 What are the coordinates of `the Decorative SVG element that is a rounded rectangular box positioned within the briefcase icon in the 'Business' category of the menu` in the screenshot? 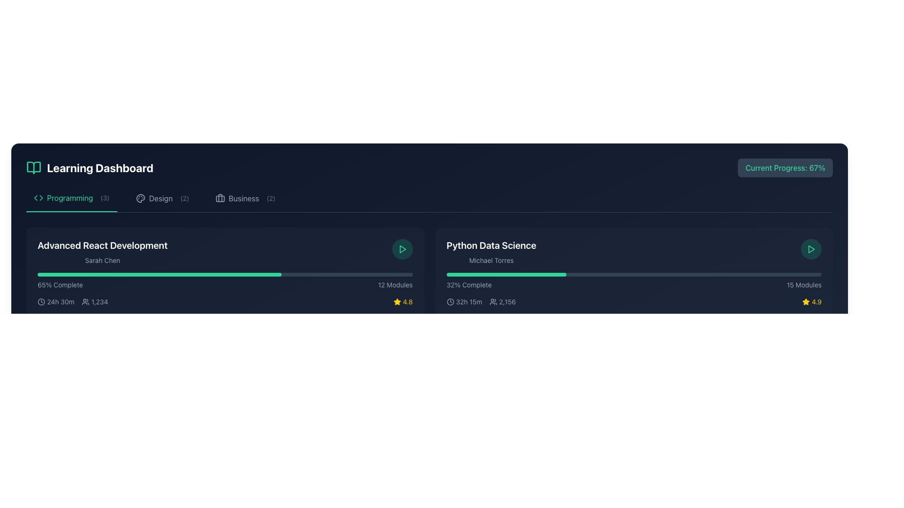 It's located at (219, 198).